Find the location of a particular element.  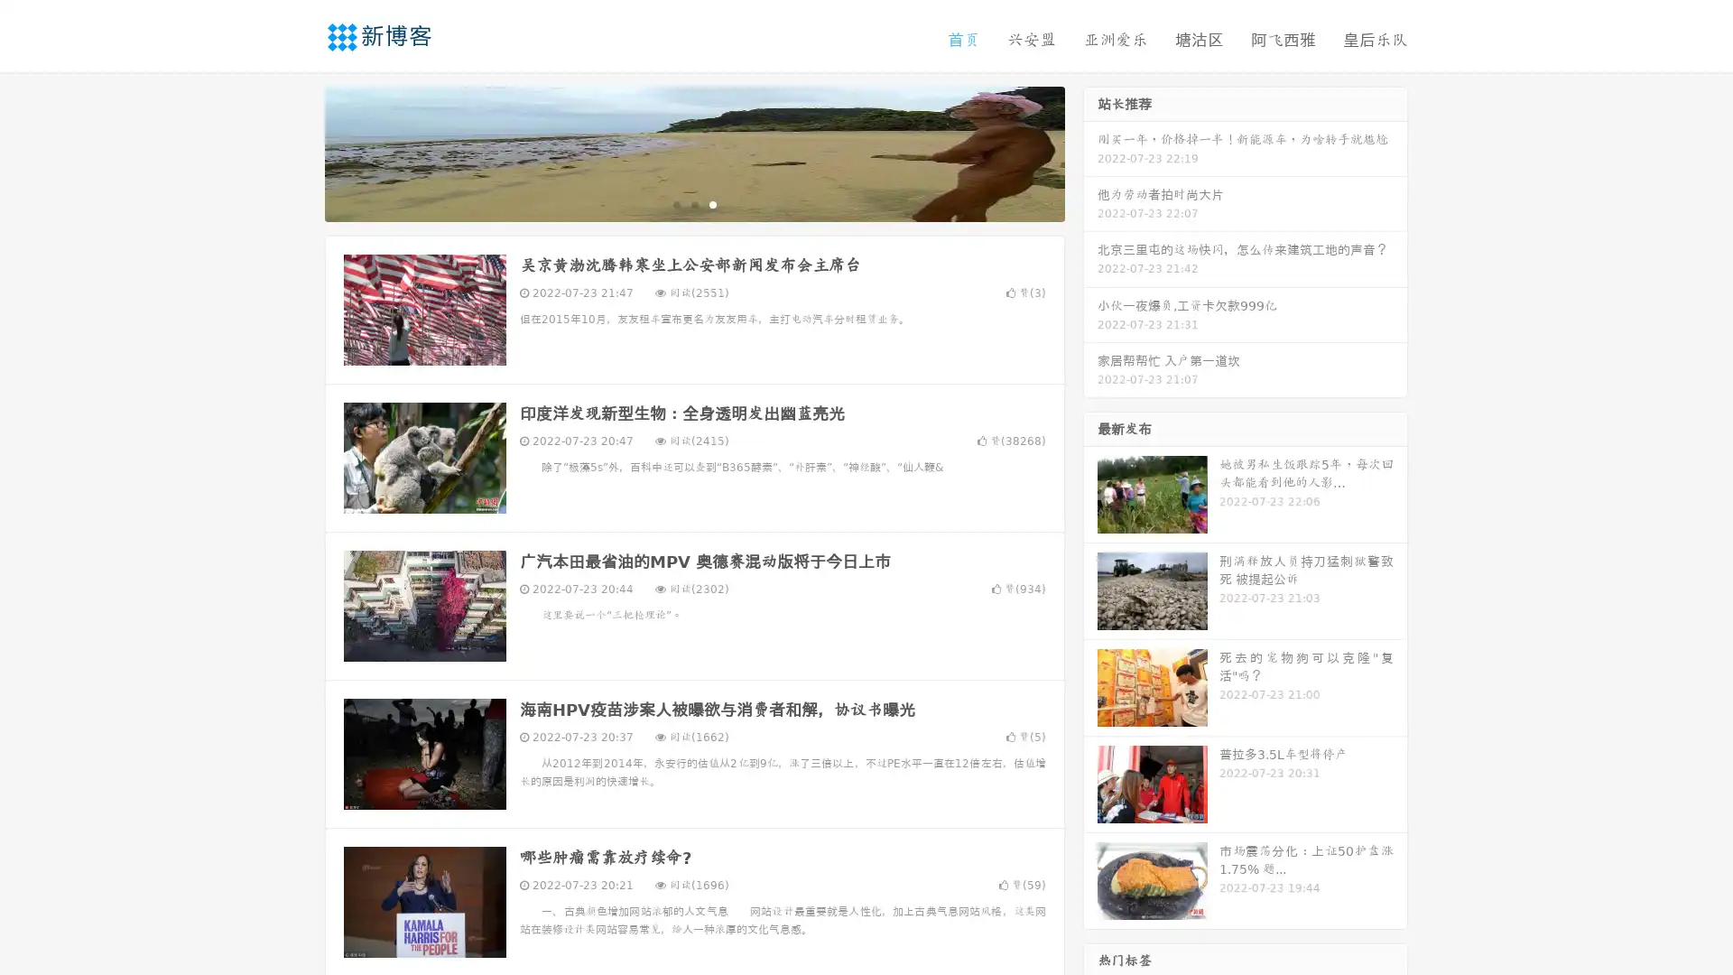

Go to slide 1 is located at coordinates (675, 203).